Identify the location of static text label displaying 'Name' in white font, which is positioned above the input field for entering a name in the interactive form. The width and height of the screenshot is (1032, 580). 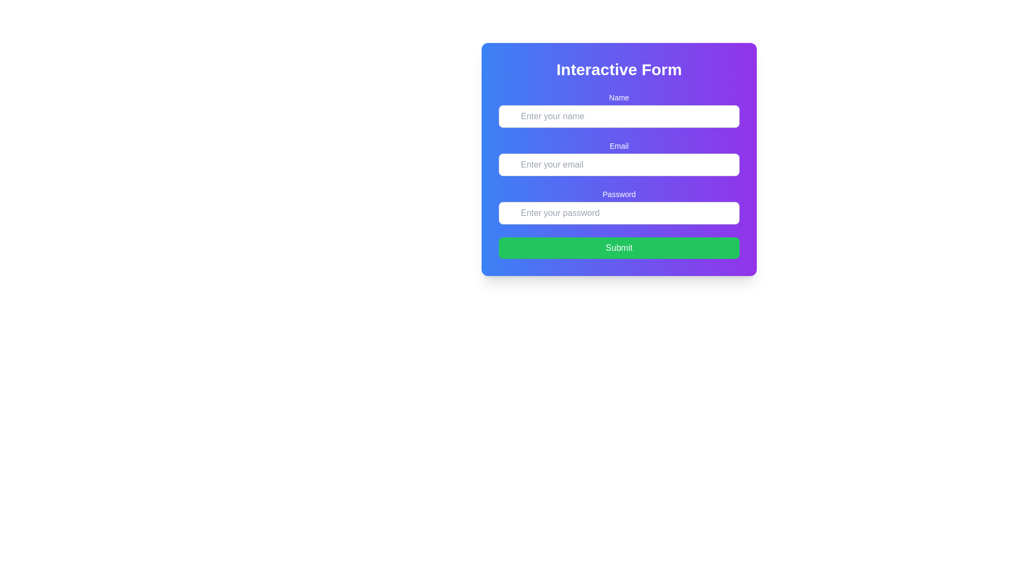
(619, 97).